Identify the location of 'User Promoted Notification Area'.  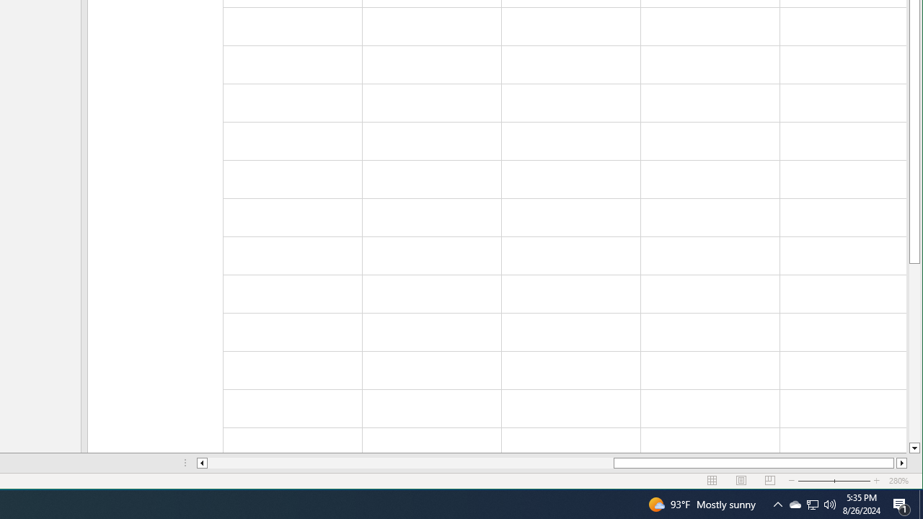
(813, 503).